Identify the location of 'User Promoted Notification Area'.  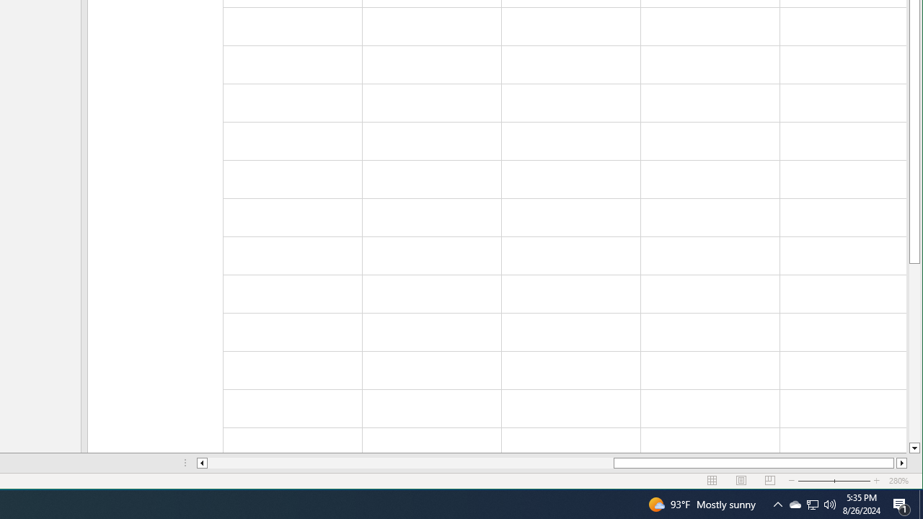
(813, 503).